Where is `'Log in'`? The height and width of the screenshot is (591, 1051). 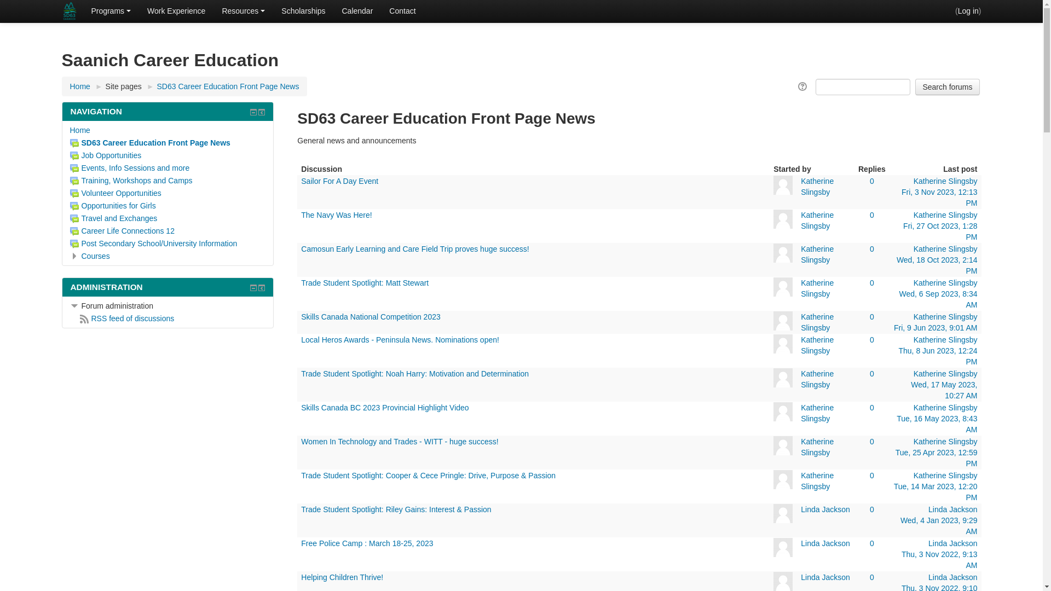
'Log in' is located at coordinates (968, 10).